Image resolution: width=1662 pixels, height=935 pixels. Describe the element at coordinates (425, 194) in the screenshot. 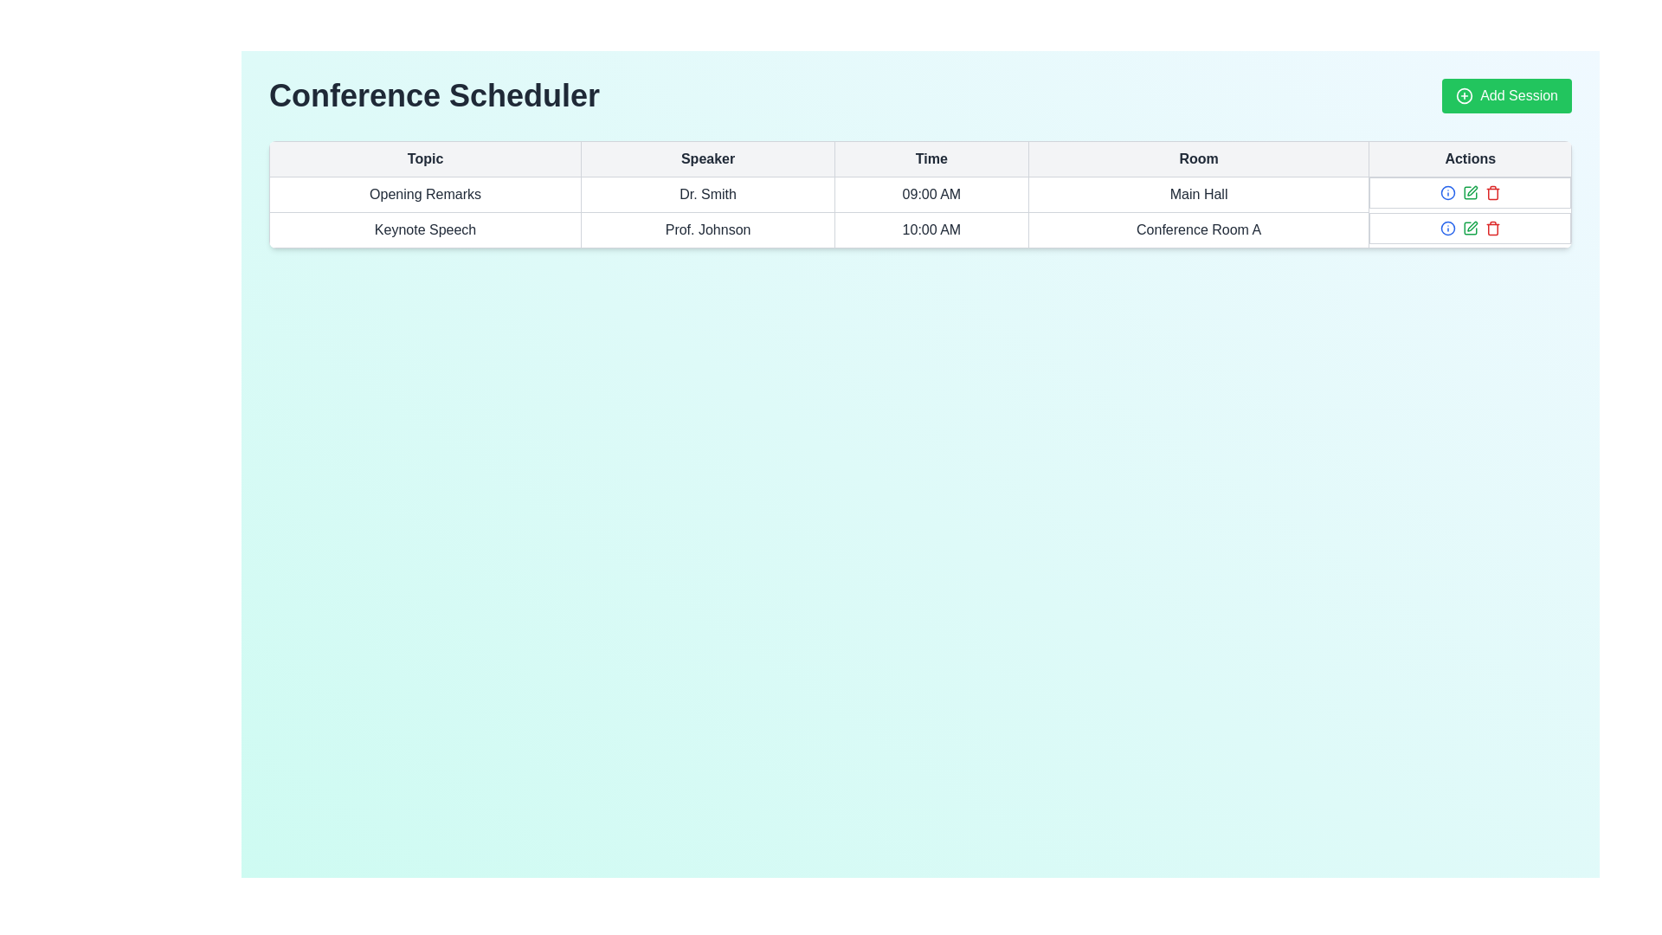

I see `the text label displaying 'Opening Remarks' which is styled with a gray border and is the leftmost cell under the 'Topic' column in the first row of the table` at that location.